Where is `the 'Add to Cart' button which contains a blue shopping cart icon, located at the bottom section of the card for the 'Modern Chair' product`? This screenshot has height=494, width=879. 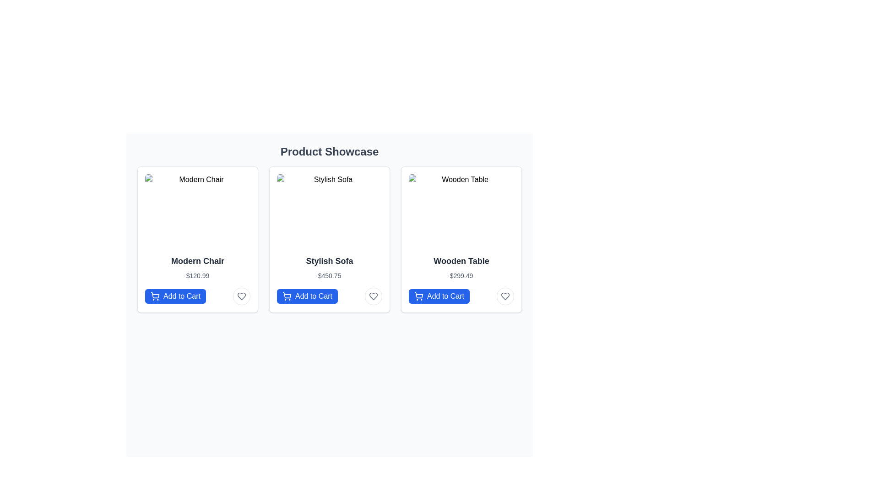 the 'Add to Cart' button which contains a blue shopping cart icon, located at the bottom section of the card for the 'Modern Chair' product is located at coordinates (155, 296).